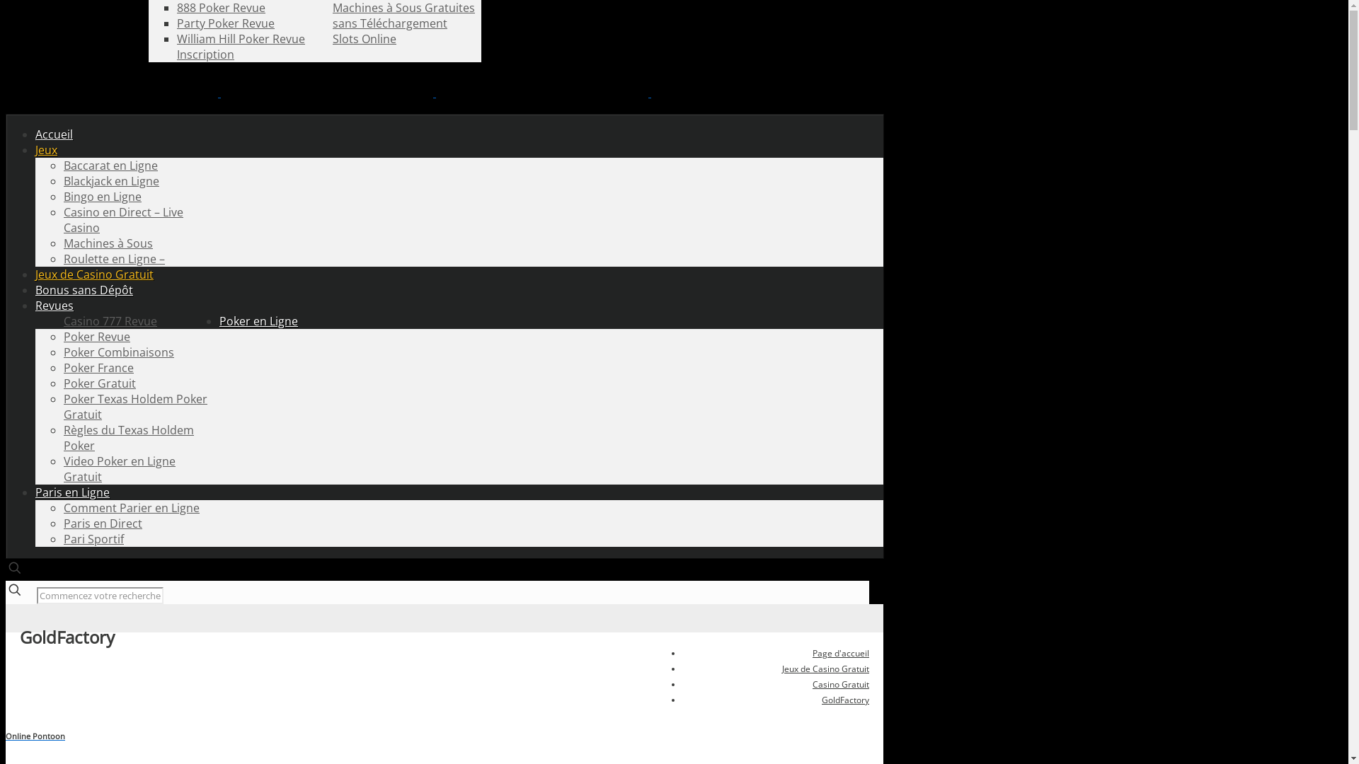 The height and width of the screenshot is (764, 1359). I want to click on 'Bingo en Ligne', so click(101, 196).